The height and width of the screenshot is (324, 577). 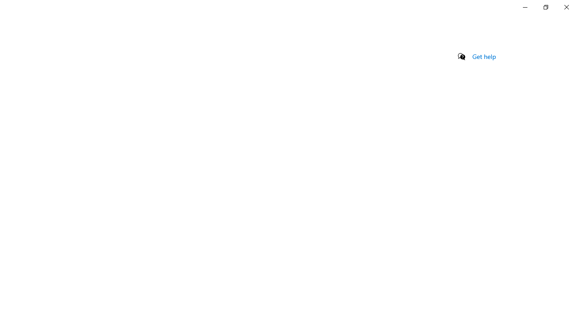 What do you see at coordinates (545, 7) in the screenshot?
I see `'Restore Settings'` at bounding box center [545, 7].